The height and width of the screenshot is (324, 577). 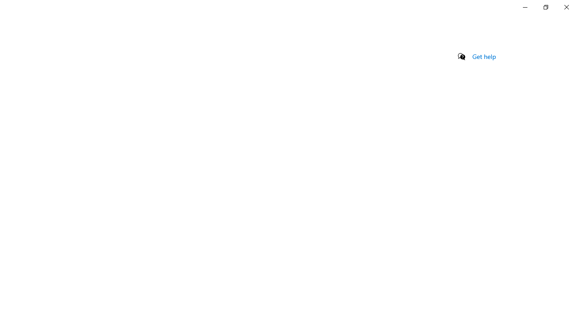 What do you see at coordinates (545, 7) in the screenshot?
I see `'Restore Settings'` at bounding box center [545, 7].